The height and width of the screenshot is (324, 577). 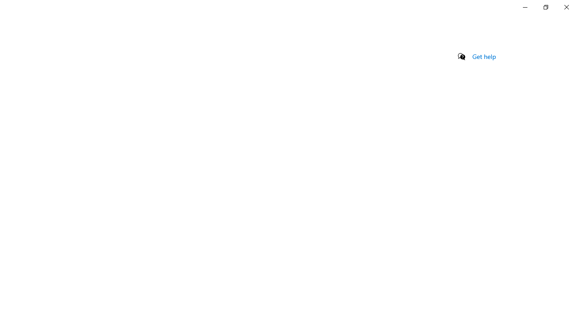 What do you see at coordinates (545, 7) in the screenshot?
I see `'Restore Settings'` at bounding box center [545, 7].